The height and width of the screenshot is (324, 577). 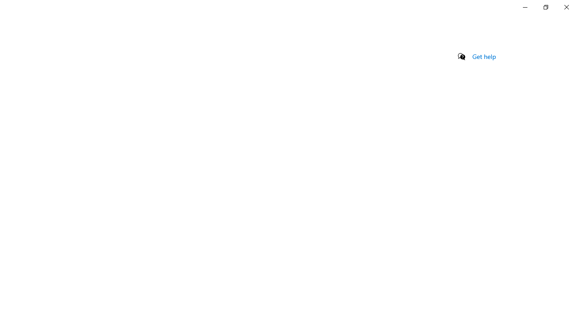 What do you see at coordinates (545, 7) in the screenshot?
I see `'Restore Settings'` at bounding box center [545, 7].